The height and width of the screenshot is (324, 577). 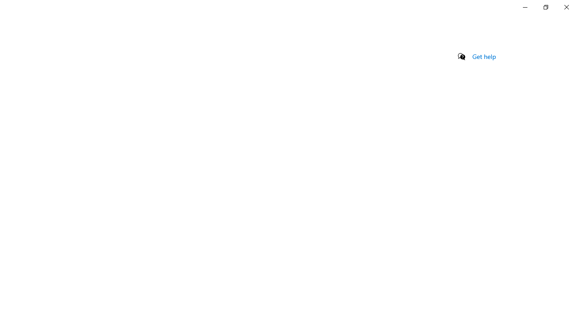 What do you see at coordinates (545, 7) in the screenshot?
I see `'Restore Settings'` at bounding box center [545, 7].